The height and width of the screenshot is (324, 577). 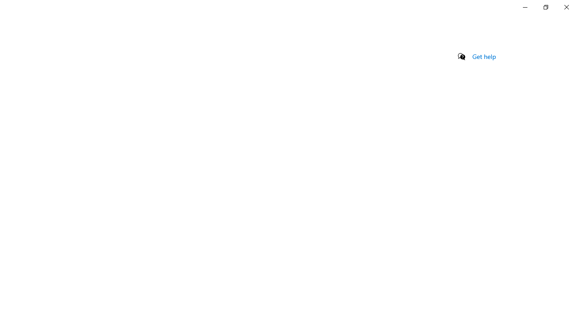 What do you see at coordinates (545, 7) in the screenshot?
I see `'Restore Settings'` at bounding box center [545, 7].